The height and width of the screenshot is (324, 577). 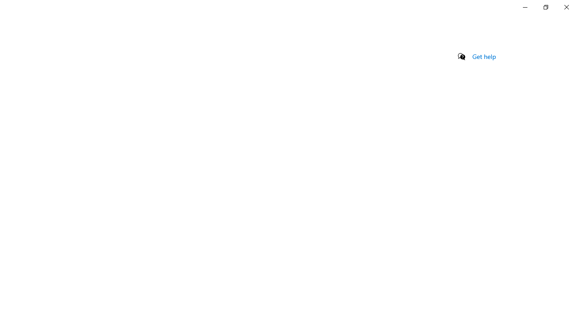 What do you see at coordinates (545, 7) in the screenshot?
I see `'Restore Settings'` at bounding box center [545, 7].